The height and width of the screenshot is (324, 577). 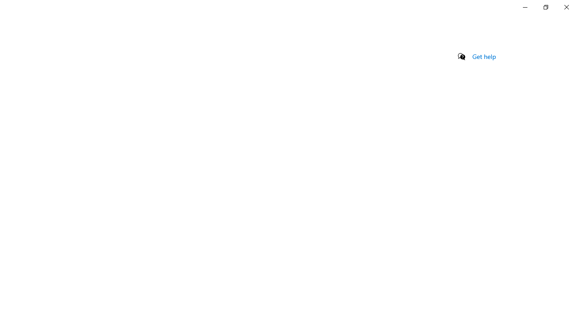 What do you see at coordinates (545, 7) in the screenshot?
I see `'Restore Settings'` at bounding box center [545, 7].